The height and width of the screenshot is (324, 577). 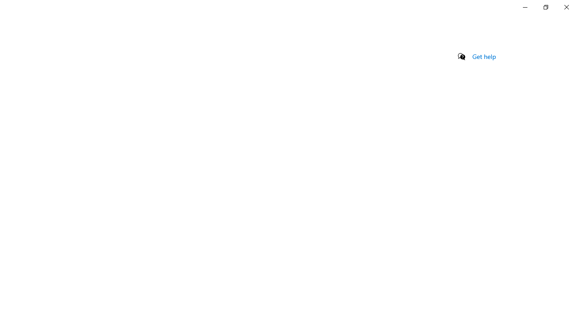 What do you see at coordinates (545, 7) in the screenshot?
I see `'Restore Settings'` at bounding box center [545, 7].